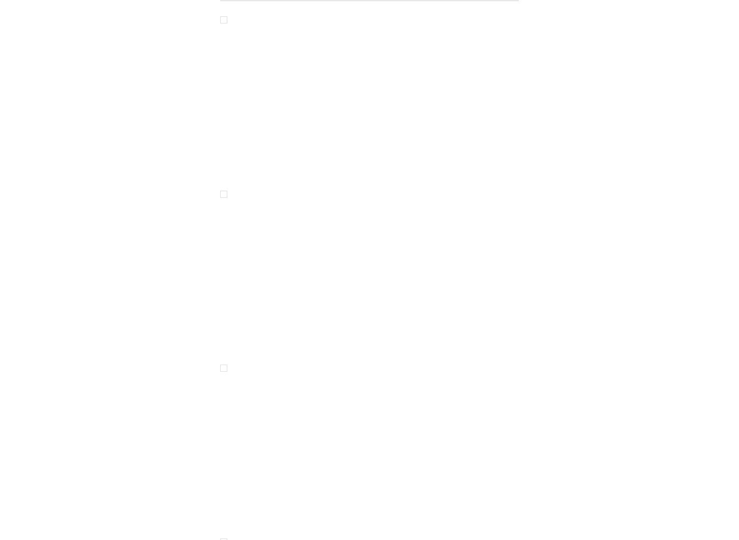  I want to click on 'CLASSICAL APPLICATIONS', so click(258, 181).